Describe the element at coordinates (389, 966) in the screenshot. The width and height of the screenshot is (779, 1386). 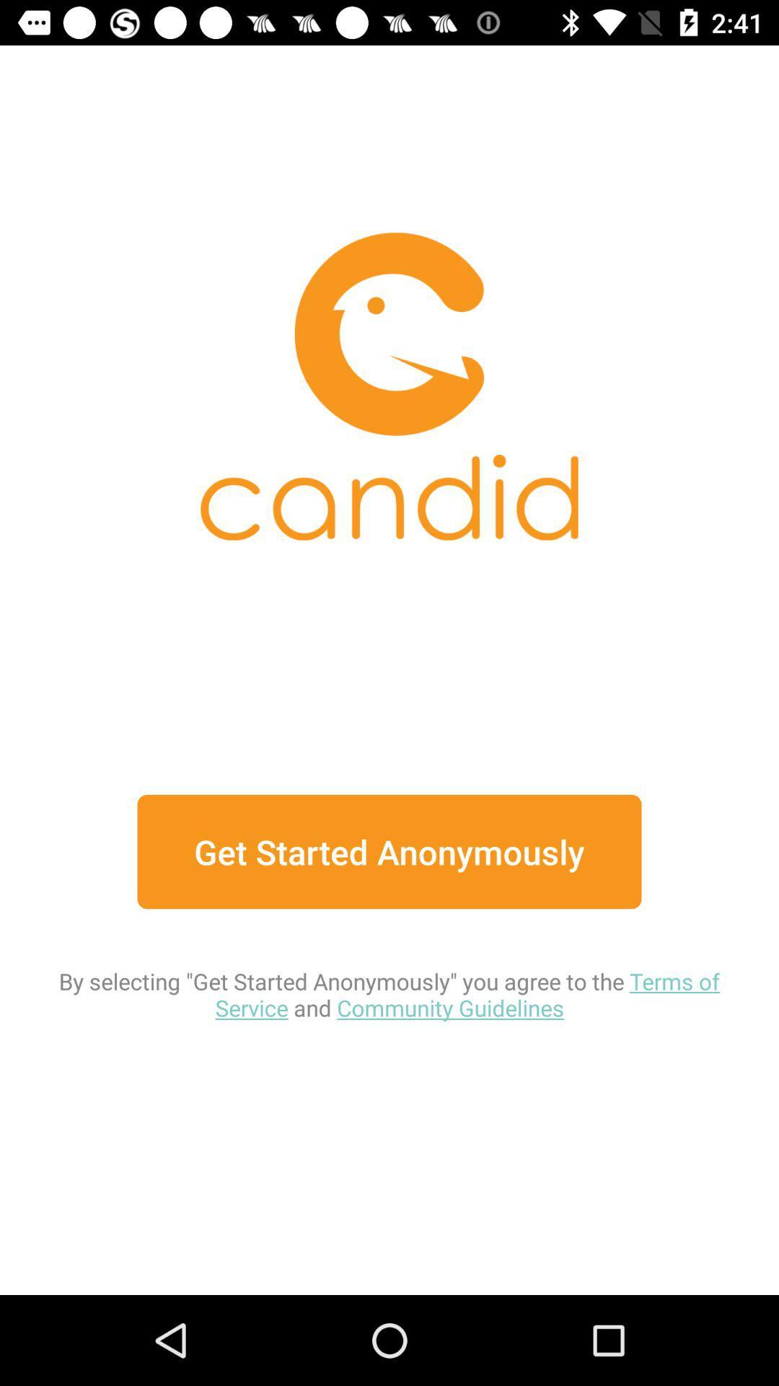
I see `item below get started anonymously item` at that location.